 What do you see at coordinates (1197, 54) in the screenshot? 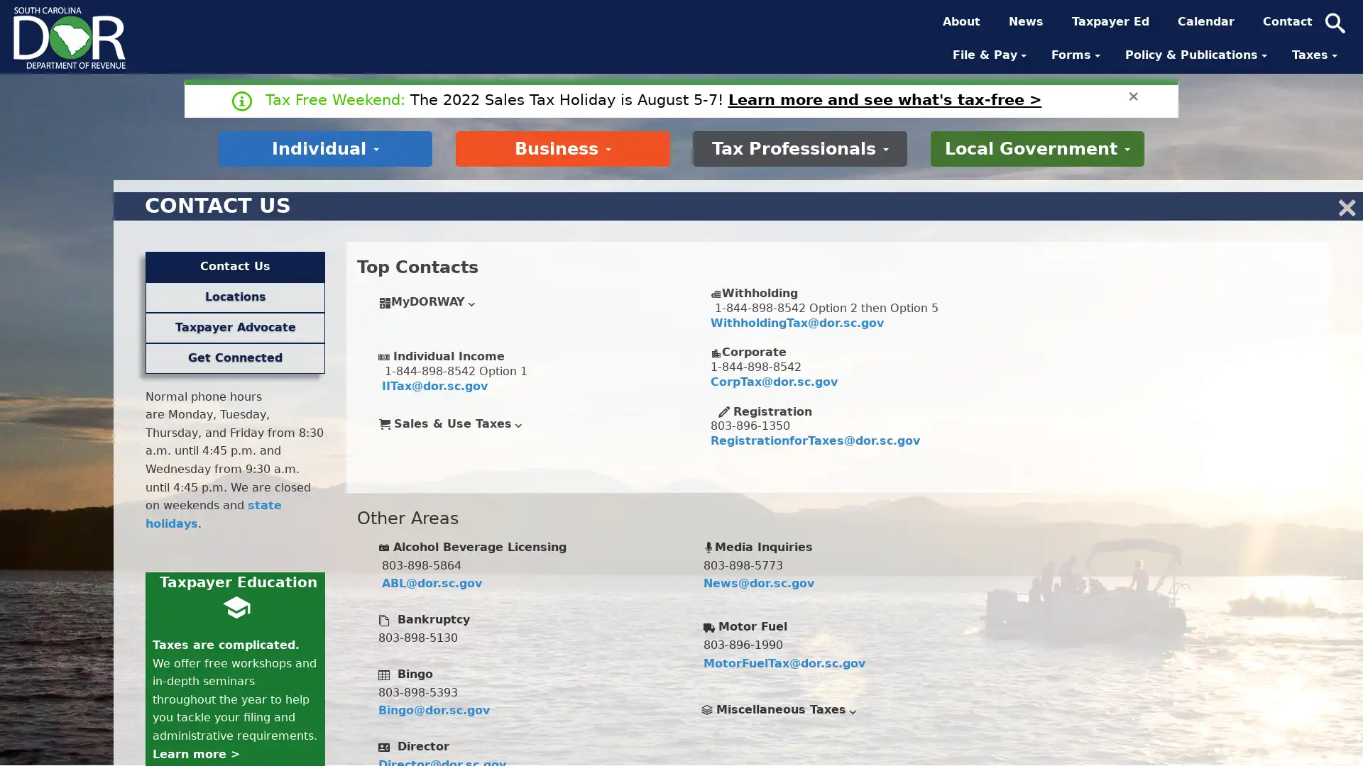
I see `Policy & Publications` at bounding box center [1197, 54].